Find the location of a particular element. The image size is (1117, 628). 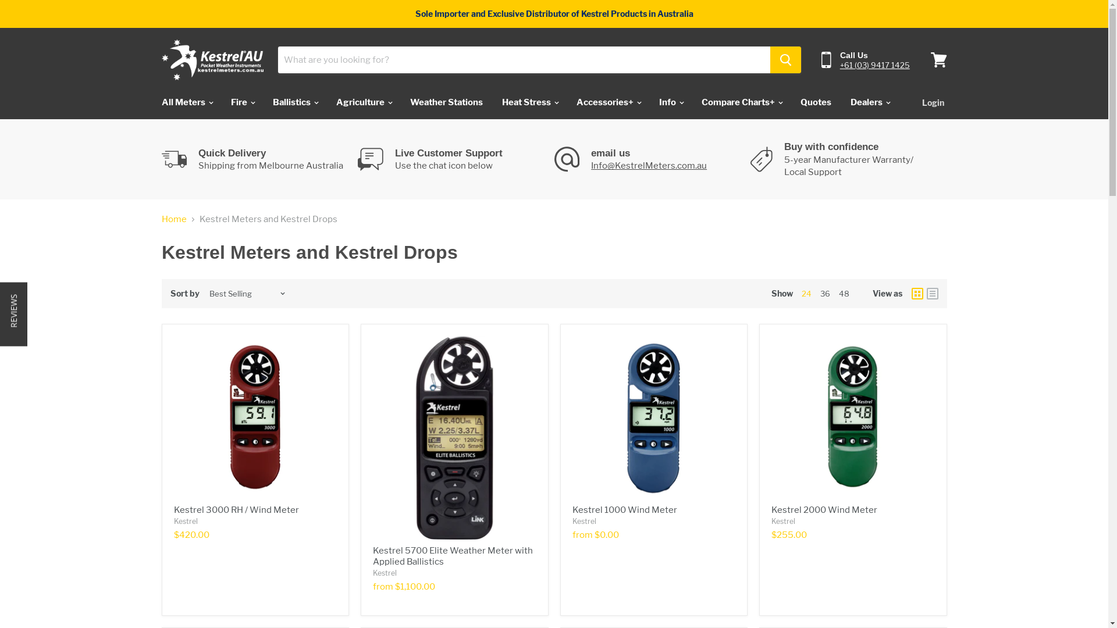

'Login' is located at coordinates (933, 102).